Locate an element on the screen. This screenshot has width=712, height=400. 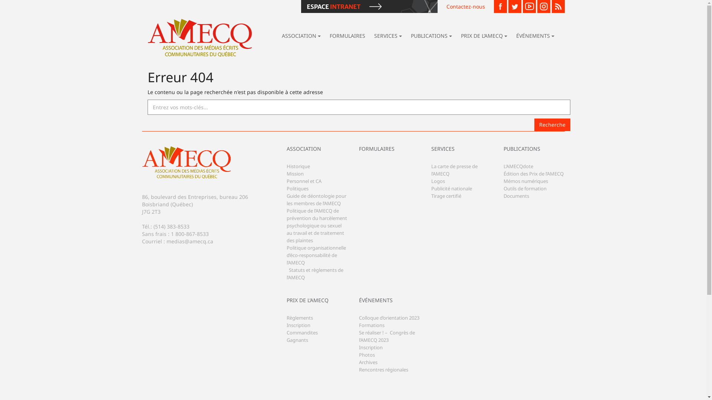
'PUBLICATIONS' is located at coordinates (431, 37).